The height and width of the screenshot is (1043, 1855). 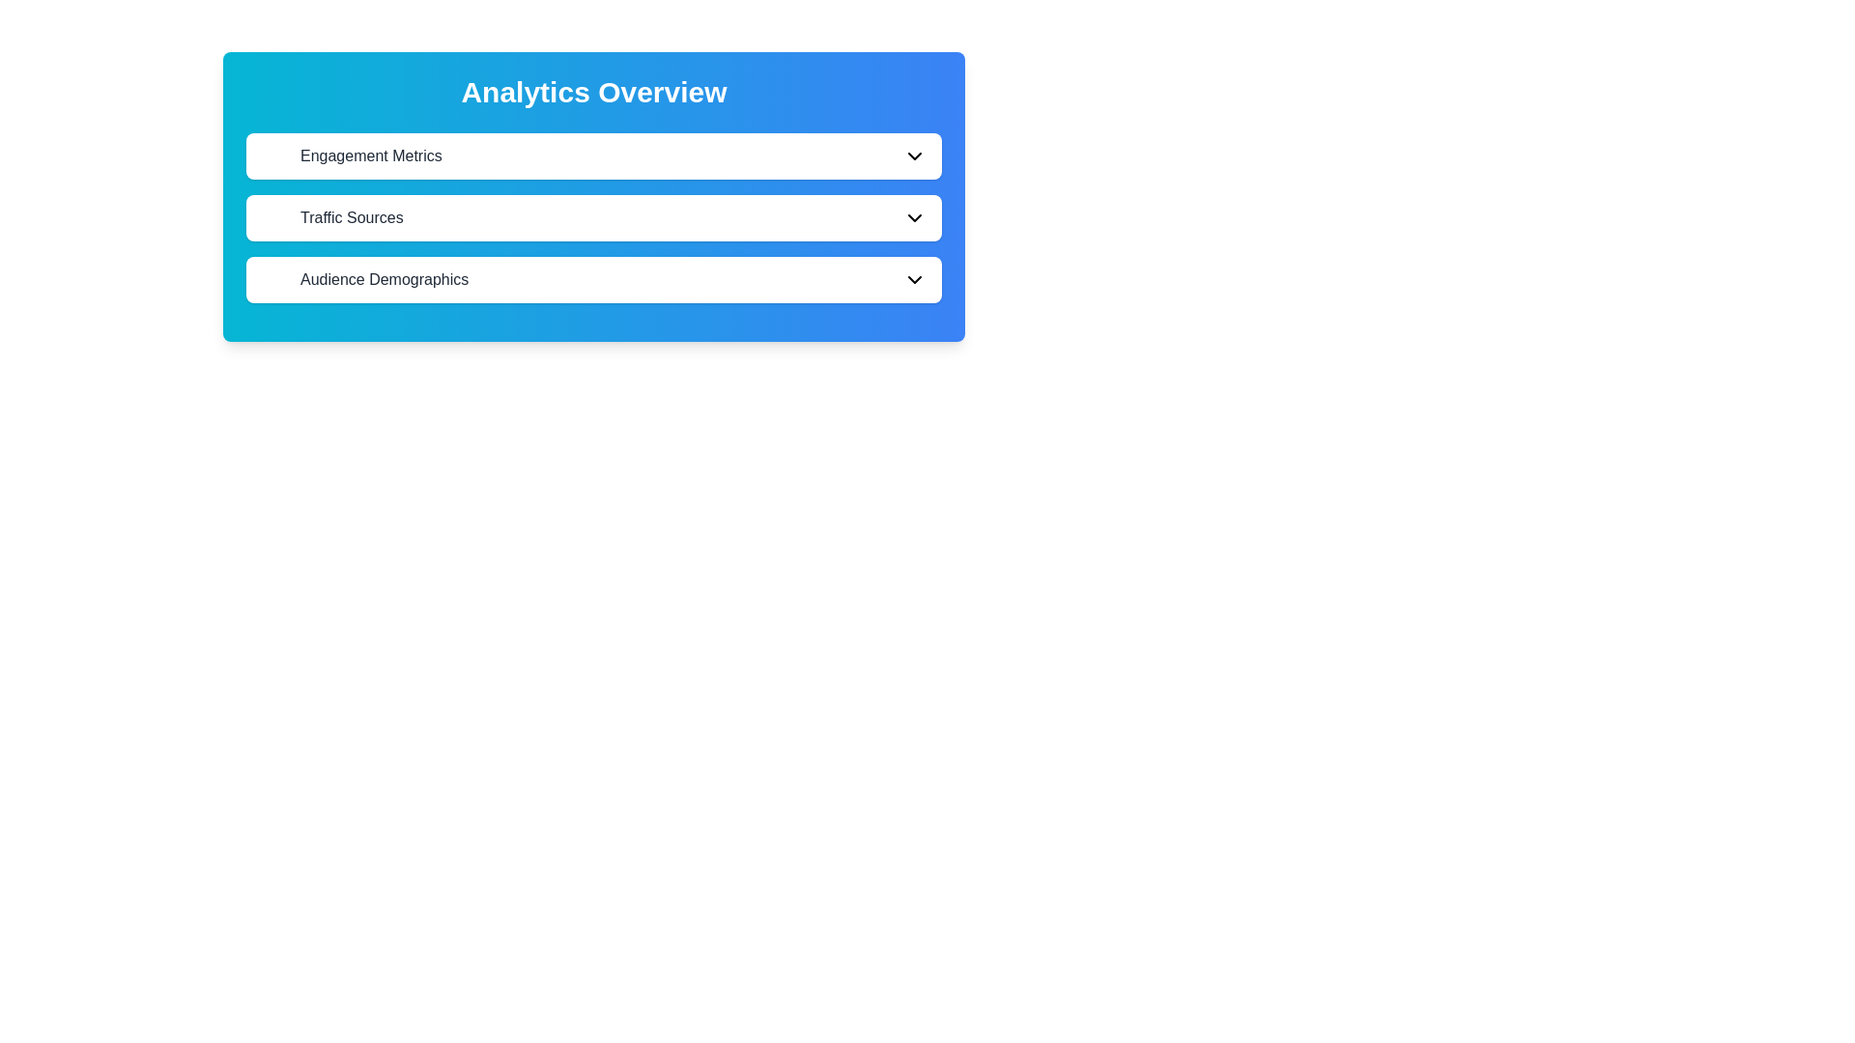 I want to click on text content of the Text label within the first card under 'Analytics Overview', which summarizes user engagement analytical data, so click(x=352, y=155).